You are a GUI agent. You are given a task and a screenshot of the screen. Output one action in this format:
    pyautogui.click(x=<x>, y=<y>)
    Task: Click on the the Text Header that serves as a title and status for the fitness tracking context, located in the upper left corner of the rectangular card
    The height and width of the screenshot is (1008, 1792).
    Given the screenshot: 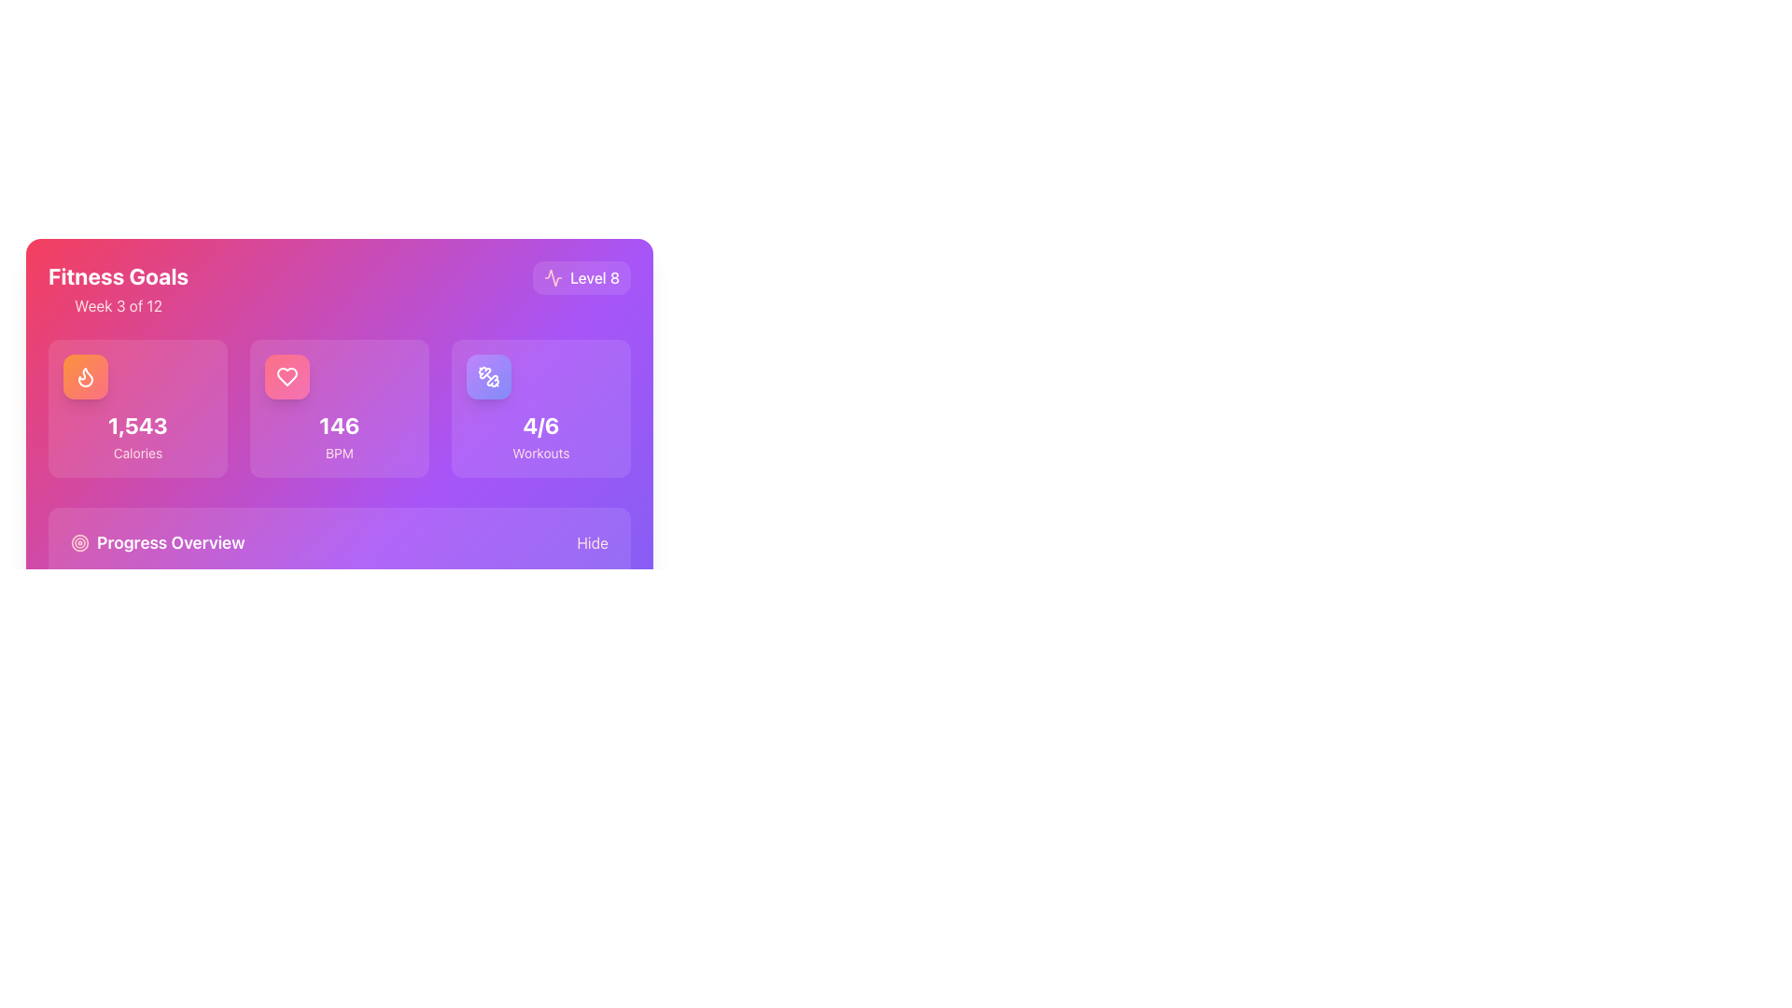 What is the action you would take?
    pyautogui.click(x=118, y=288)
    